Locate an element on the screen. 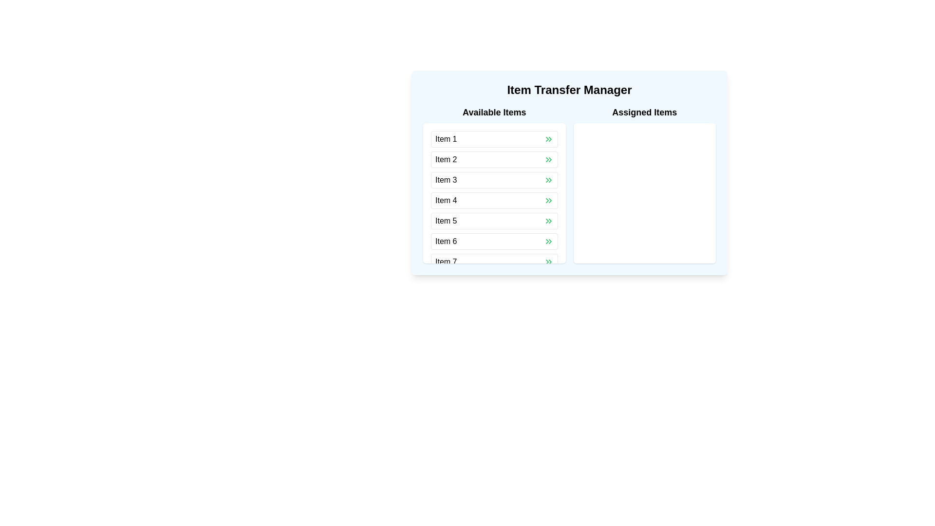  the green double-chevron arrow button on the right side of 'Item 3' to transfer the item is located at coordinates (548, 180).